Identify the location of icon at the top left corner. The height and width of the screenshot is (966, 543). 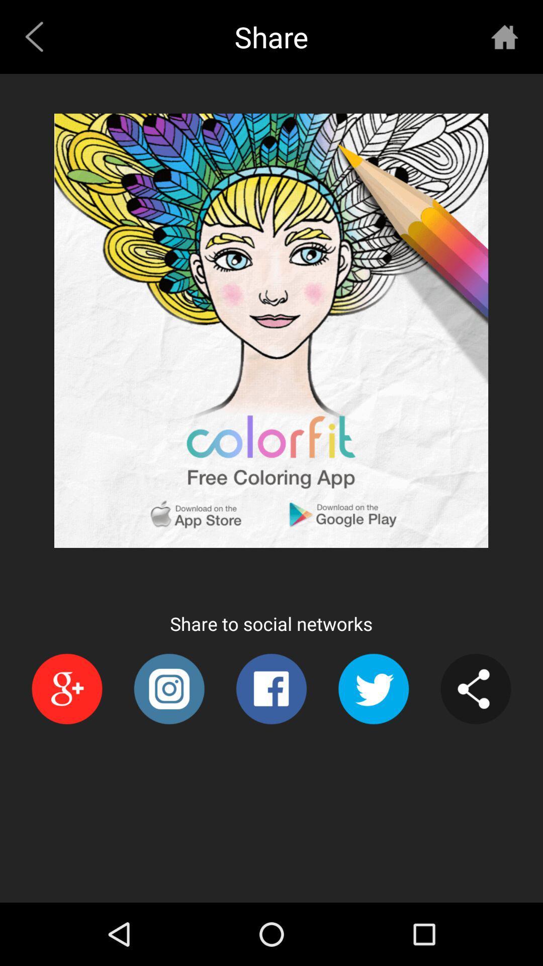
(38, 37).